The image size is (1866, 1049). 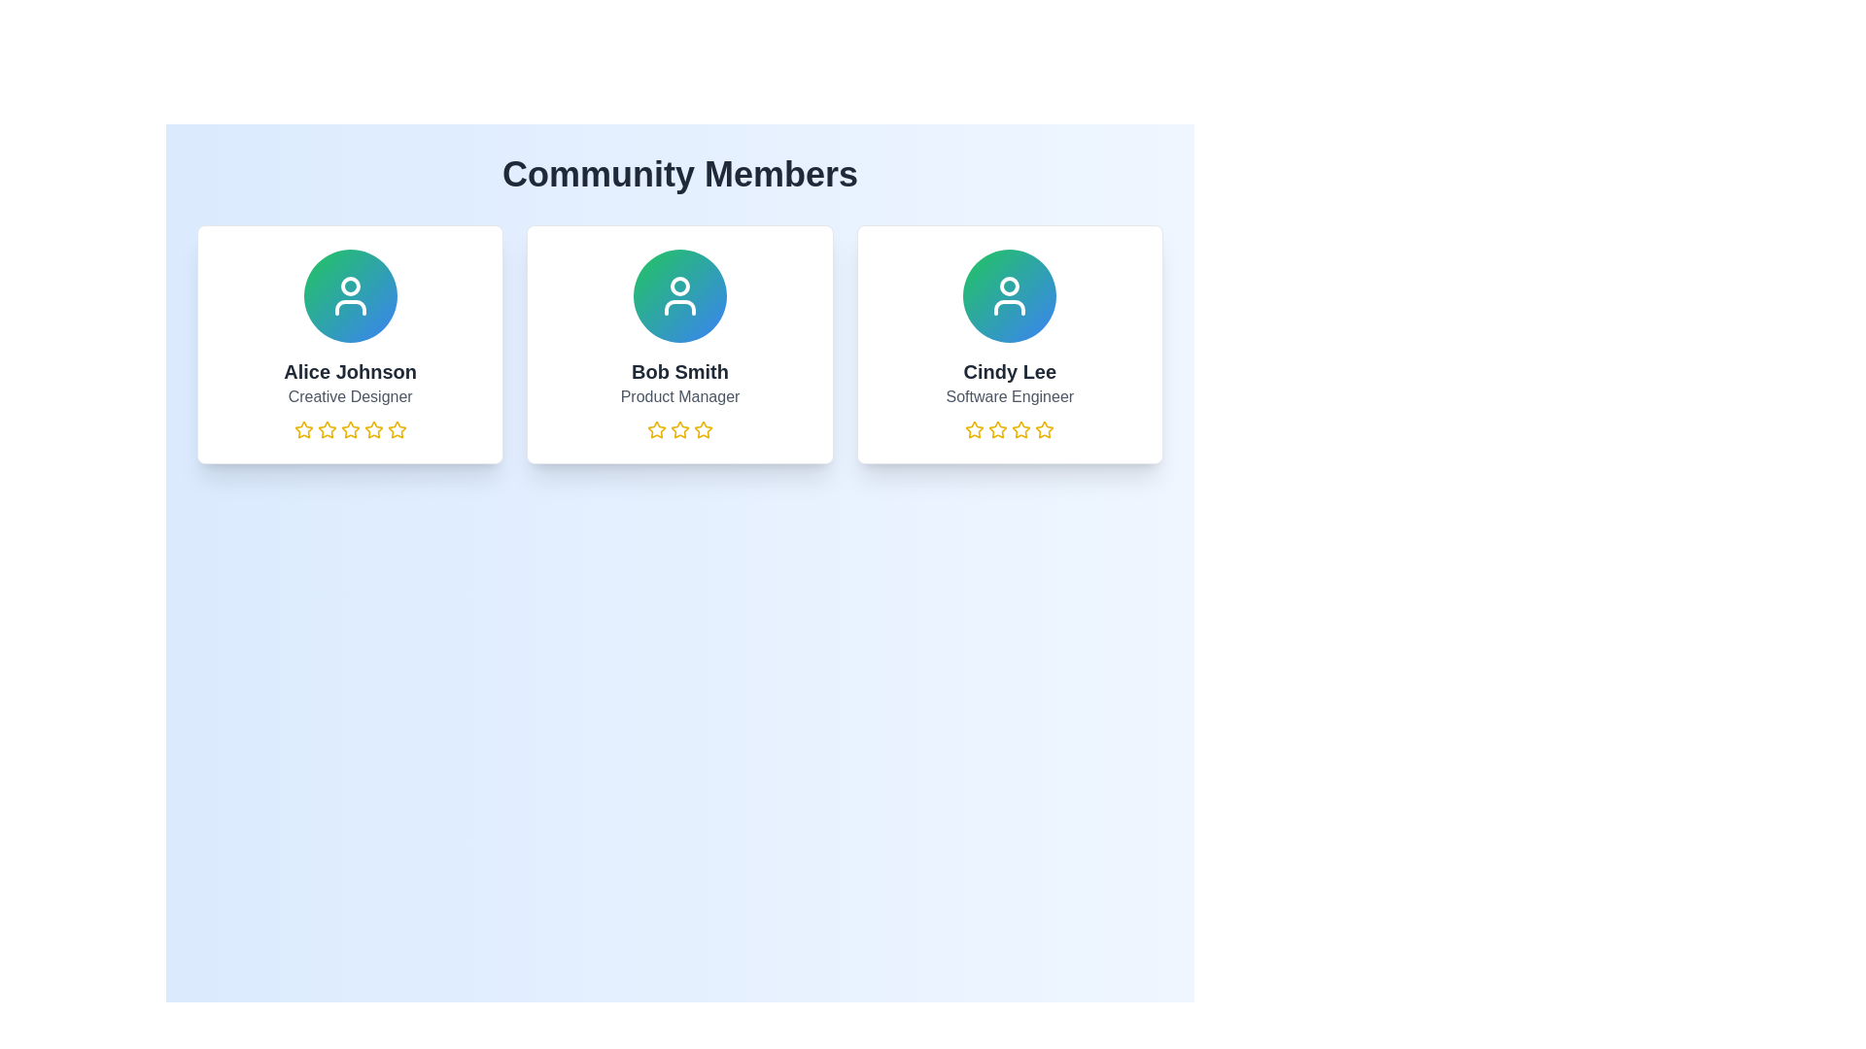 What do you see at coordinates (1010, 286) in the screenshot?
I see `the circular part of the user profile icon within the card labeled 'Cindy Lee, Software Engineer.'` at bounding box center [1010, 286].